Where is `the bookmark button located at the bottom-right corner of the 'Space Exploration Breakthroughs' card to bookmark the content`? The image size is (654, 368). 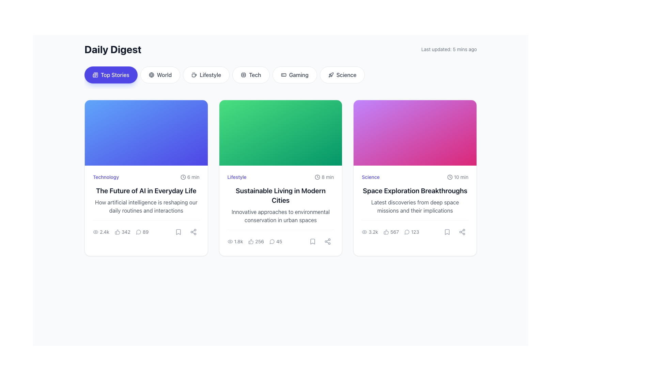 the bookmark button located at the bottom-right corner of the 'Space Exploration Breakthroughs' card to bookmark the content is located at coordinates (447, 232).